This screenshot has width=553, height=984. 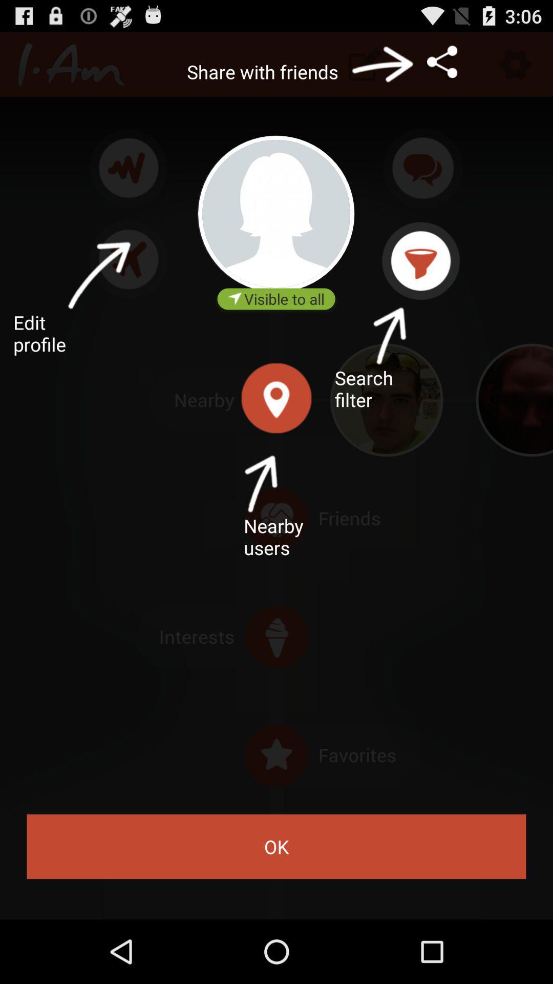 I want to click on ok item, so click(x=276, y=847).